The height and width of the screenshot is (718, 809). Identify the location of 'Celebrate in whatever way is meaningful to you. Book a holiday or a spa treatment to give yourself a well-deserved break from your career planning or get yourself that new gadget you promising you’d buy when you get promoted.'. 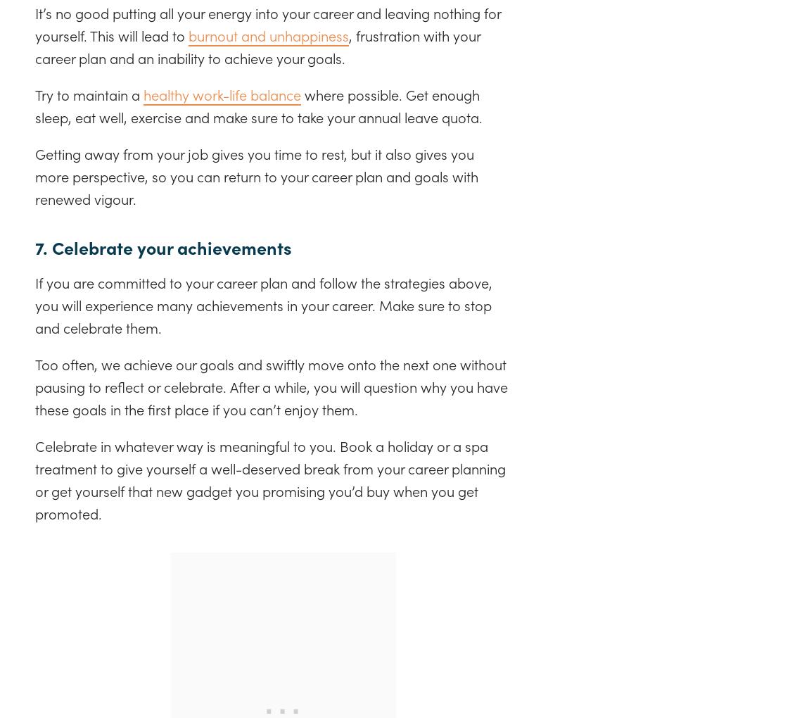
(270, 479).